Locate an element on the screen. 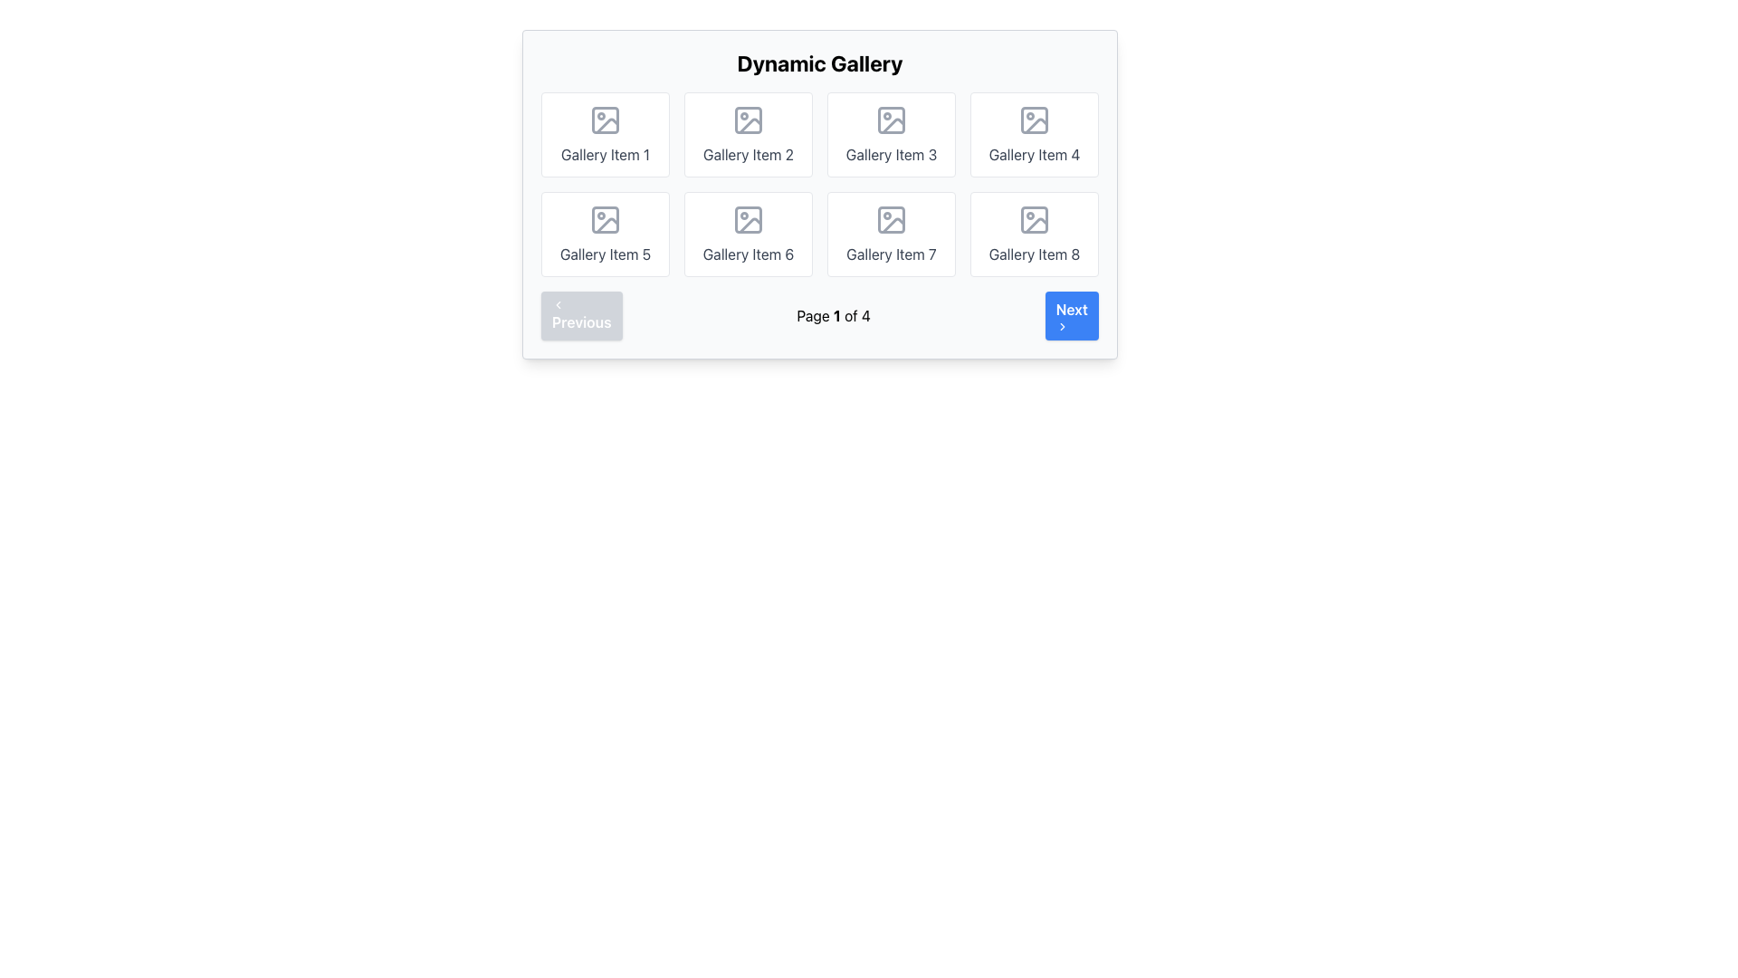 The image size is (1738, 978). the graphic icon resembling a diagonal line with a triangular pattern, located in 'Gallery Item 6' in the grid is located at coordinates (750, 225).